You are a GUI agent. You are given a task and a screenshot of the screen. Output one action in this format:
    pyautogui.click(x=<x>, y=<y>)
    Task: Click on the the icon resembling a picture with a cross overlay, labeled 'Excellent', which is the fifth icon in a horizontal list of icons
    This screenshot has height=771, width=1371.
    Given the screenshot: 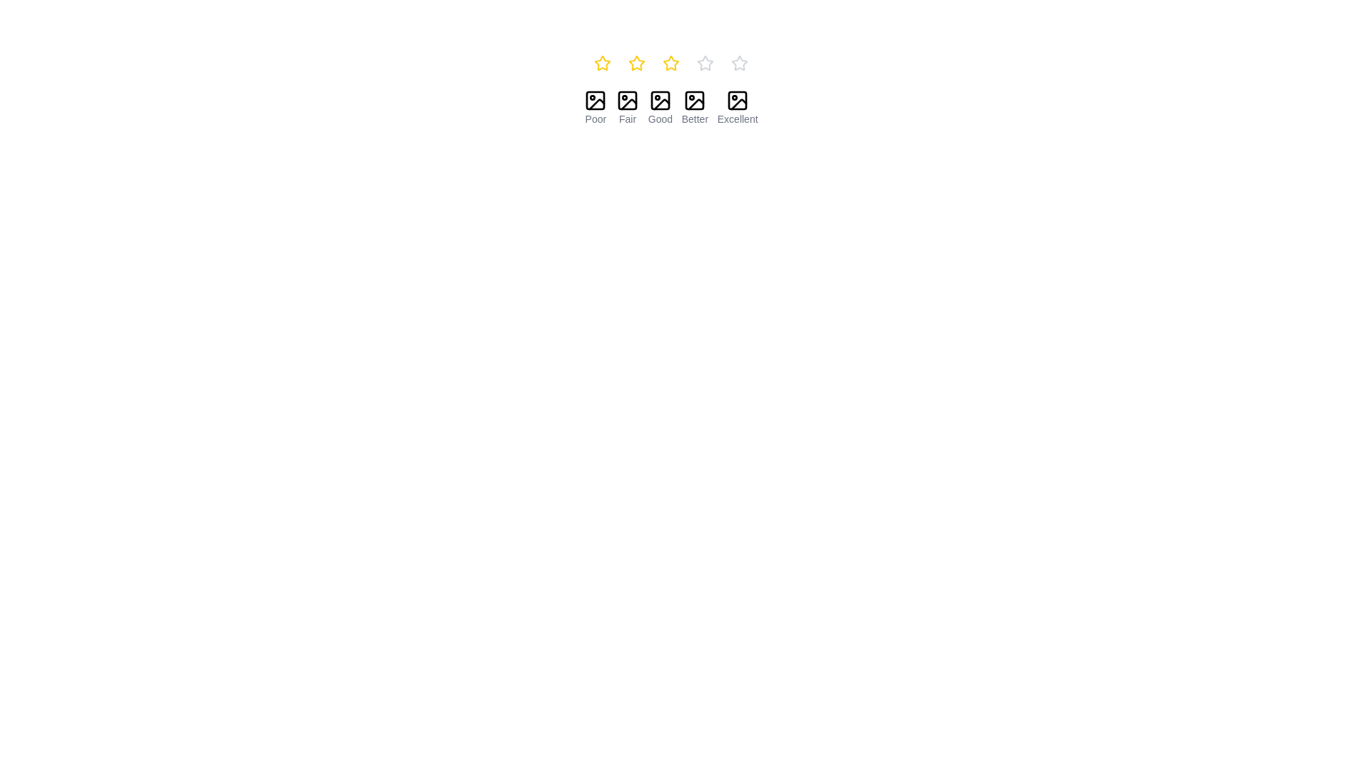 What is the action you would take?
    pyautogui.click(x=738, y=100)
    